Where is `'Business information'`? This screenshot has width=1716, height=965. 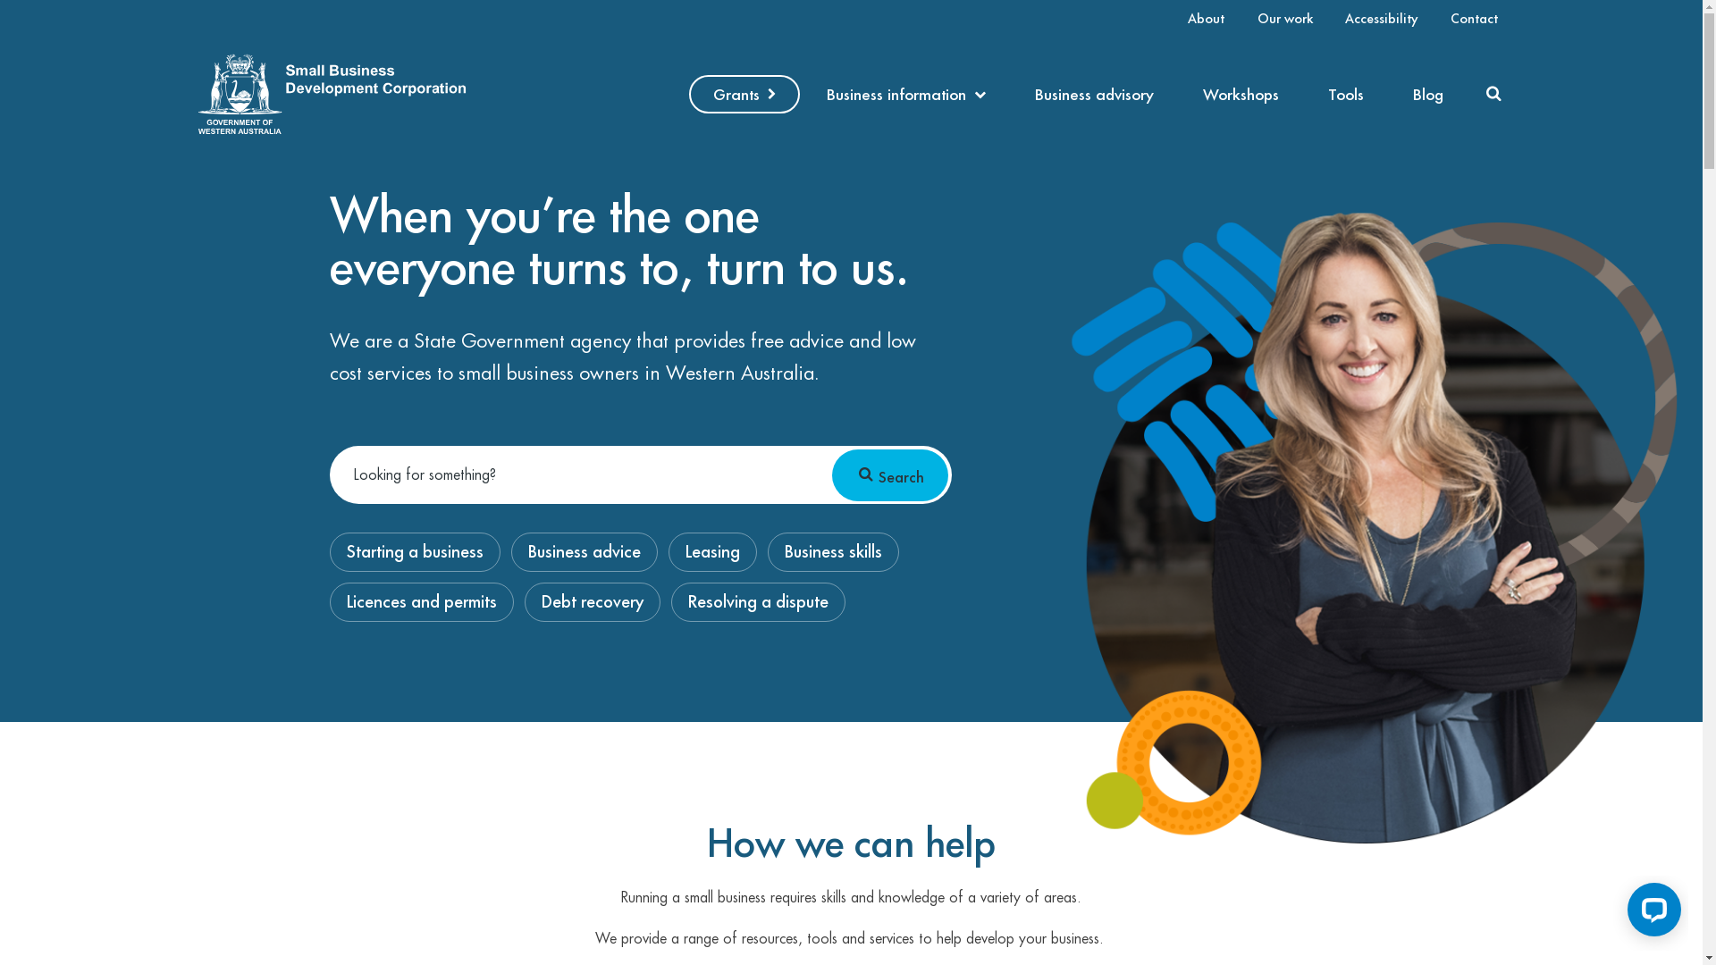 'Business information' is located at coordinates (803, 94).